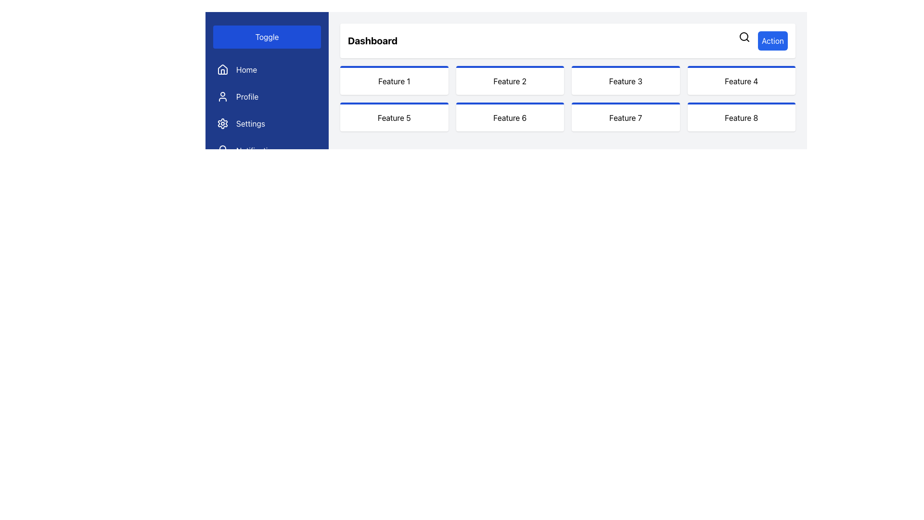  Describe the element at coordinates (267, 109) in the screenshot. I see `the 'Settings' Navigation Button, which is the third item in the vertical list of menu items including 'Home', 'Profile', 'Settings', and 'Notifications', located beneath the 'Toggle' button` at that location.